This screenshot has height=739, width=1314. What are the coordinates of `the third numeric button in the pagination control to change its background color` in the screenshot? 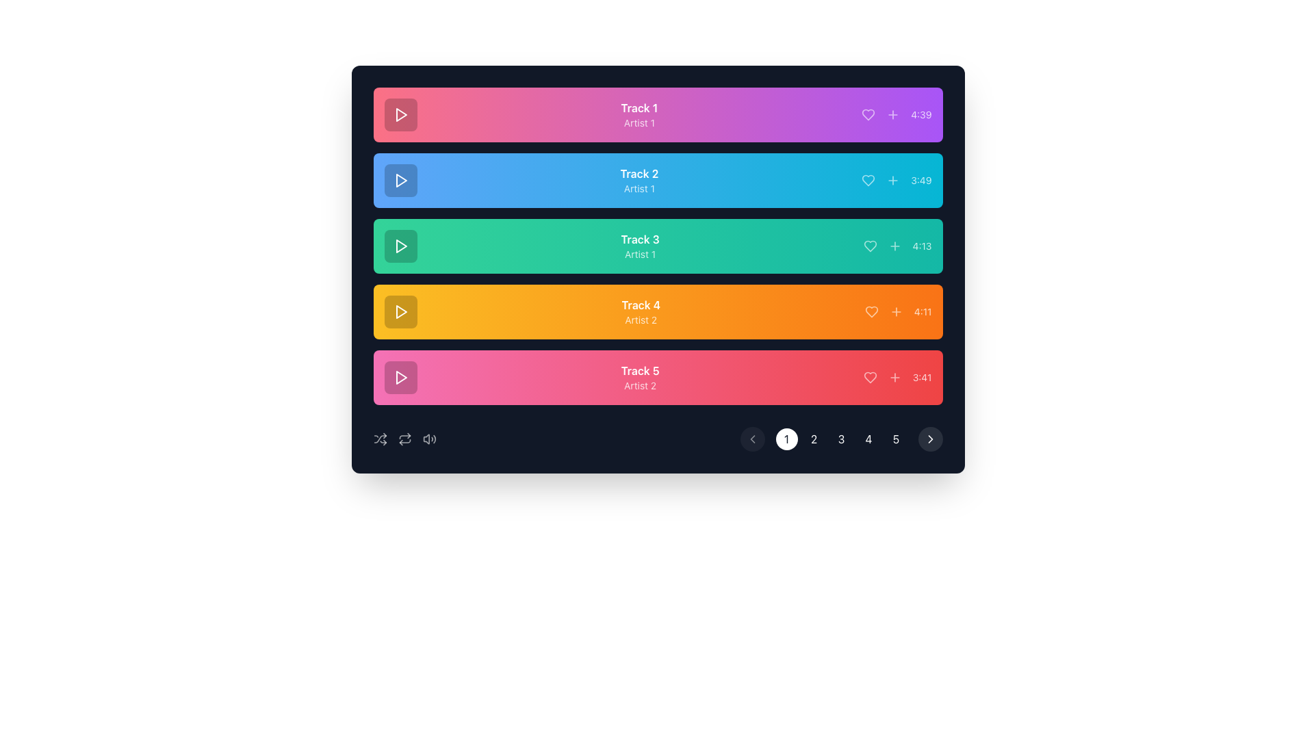 It's located at (840, 439).